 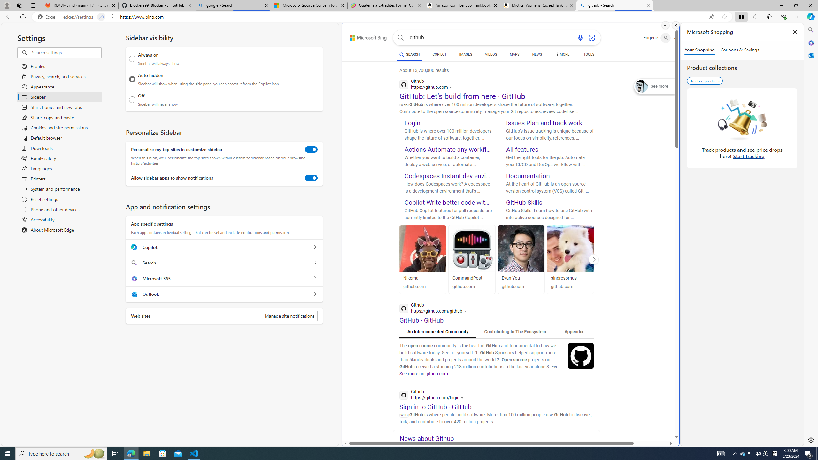 I want to click on 'Manage site notifications', so click(x=289, y=316).